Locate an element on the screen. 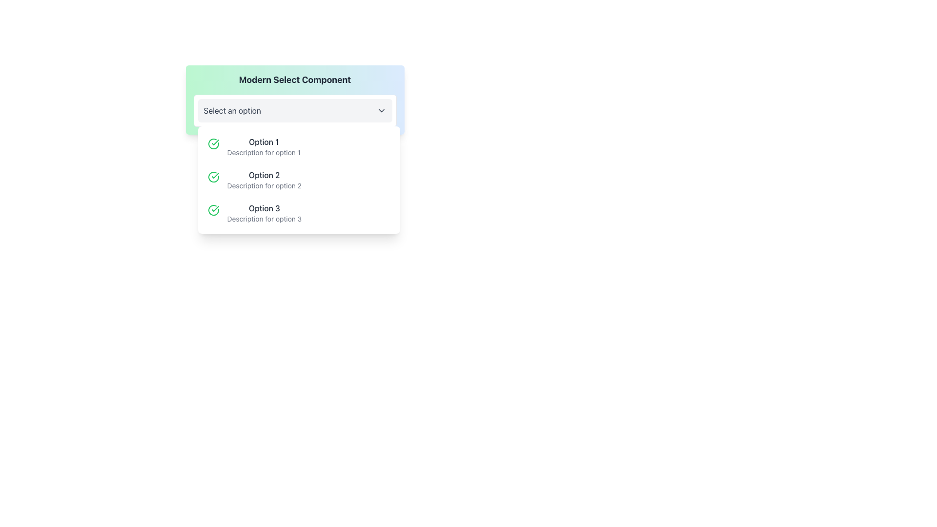 This screenshot has width=937, height=527. the additional detail text element located beneath 'Option 3' in the dropdown menu is located at coordinates (264, 218).